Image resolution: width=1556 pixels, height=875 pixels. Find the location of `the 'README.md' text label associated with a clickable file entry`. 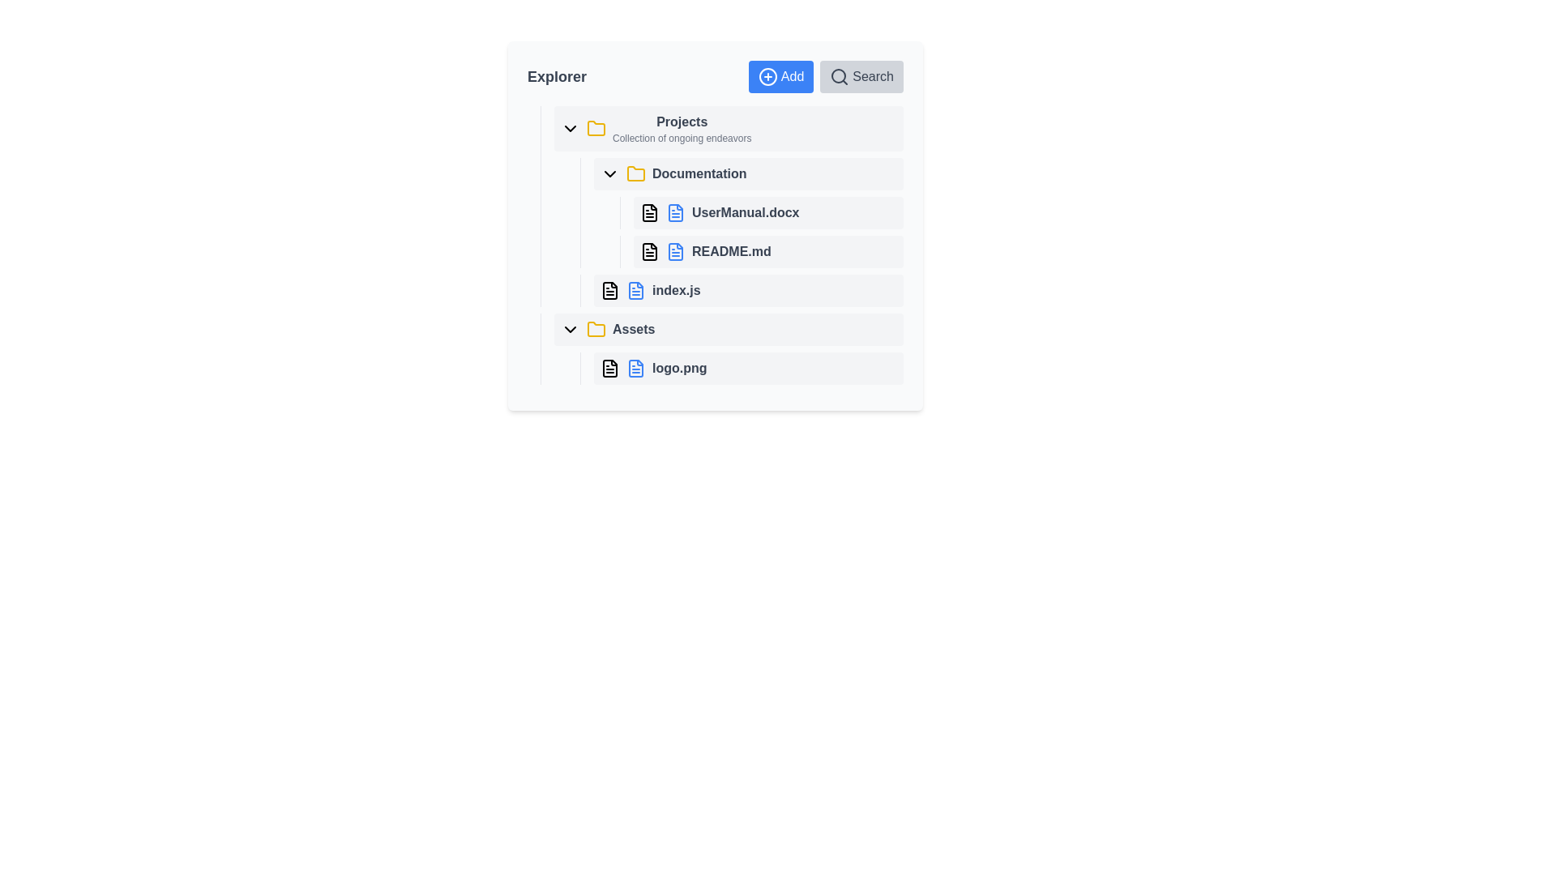

the 'README.md' text label associated with a clickable file entry is located at coordinates (730, 252).